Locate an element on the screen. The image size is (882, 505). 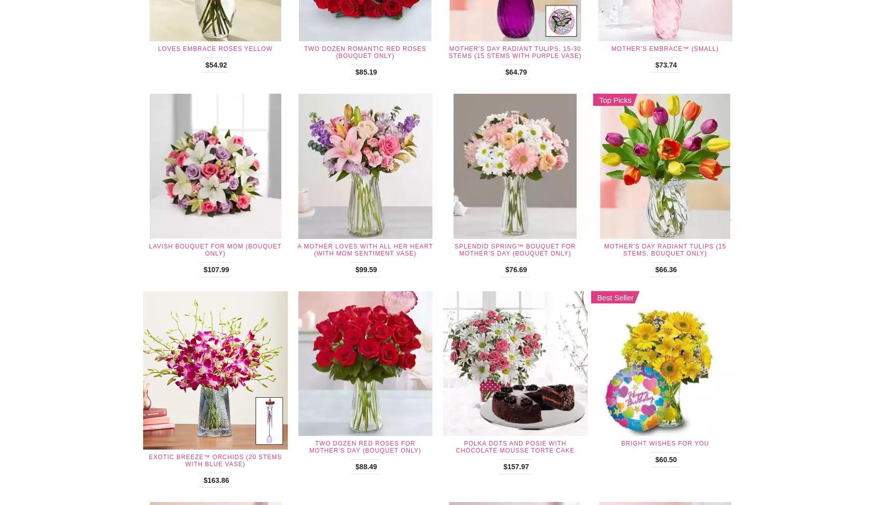
'Splendid Spring™ Bouquet for Mother’s Day (Bouquet Only)' is located at coordinates (514, 248).